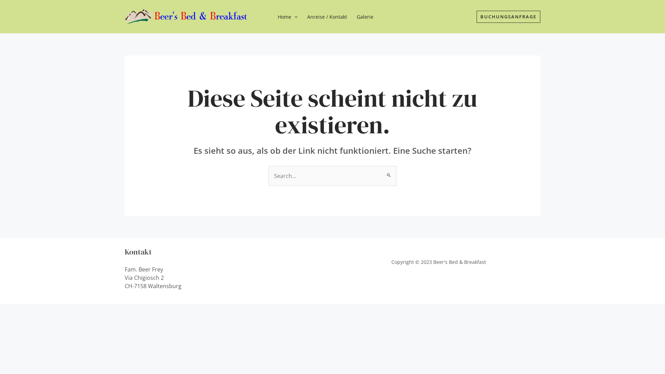 Image resolution: width=665 pixels, height=374 pixels. Describe the element at coordinates (272, 17) in the screenshot. I see `'Home'` at that location.